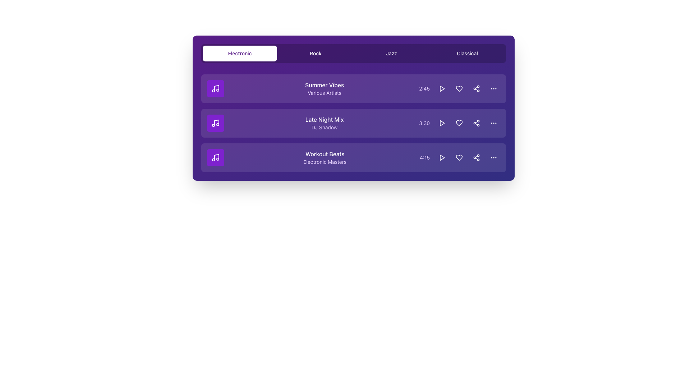  Describe the element at coordinates (425, 157) in the screenshot. I see `the text label displaying '4:15', styled in purple, located towards the right side of the music track row following 'Workout Beats' and 'Electronic Masters'` at that location.